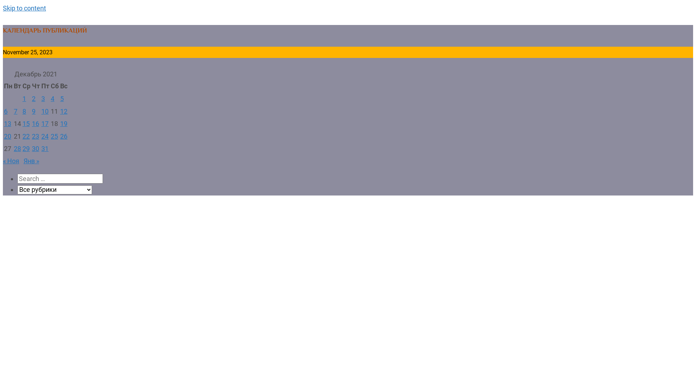 This screenshot has width=696, height=391. I want to click on '7', so click(16, 111).